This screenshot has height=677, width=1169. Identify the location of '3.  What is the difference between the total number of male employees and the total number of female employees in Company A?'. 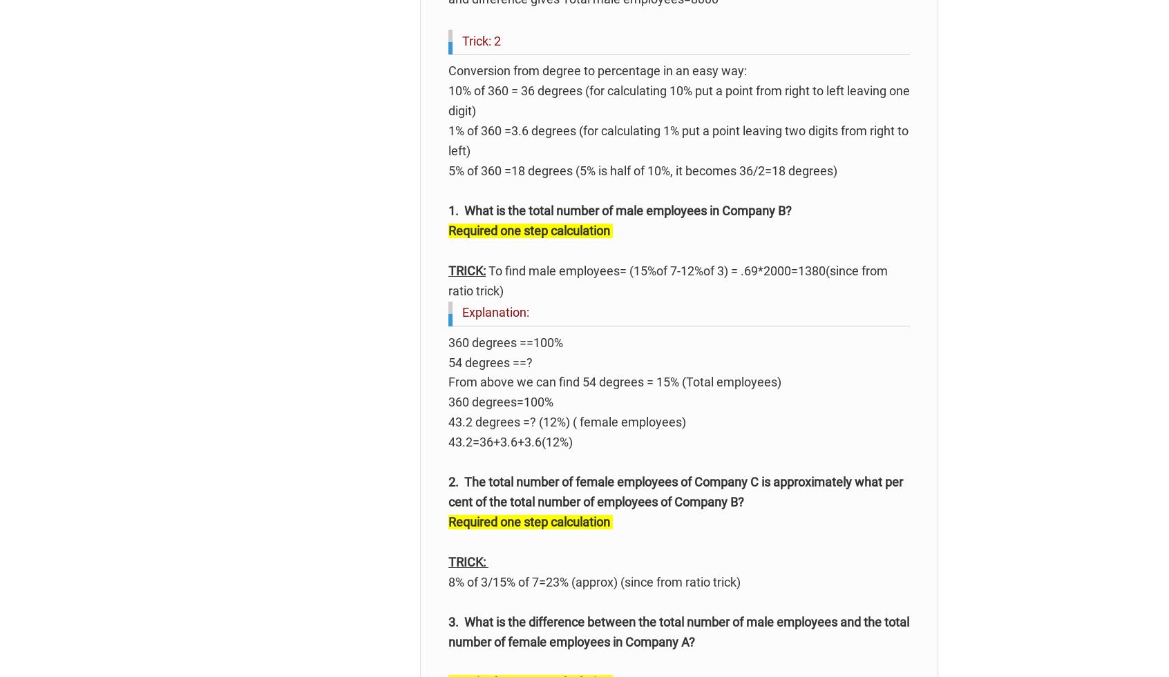
(448, 631).